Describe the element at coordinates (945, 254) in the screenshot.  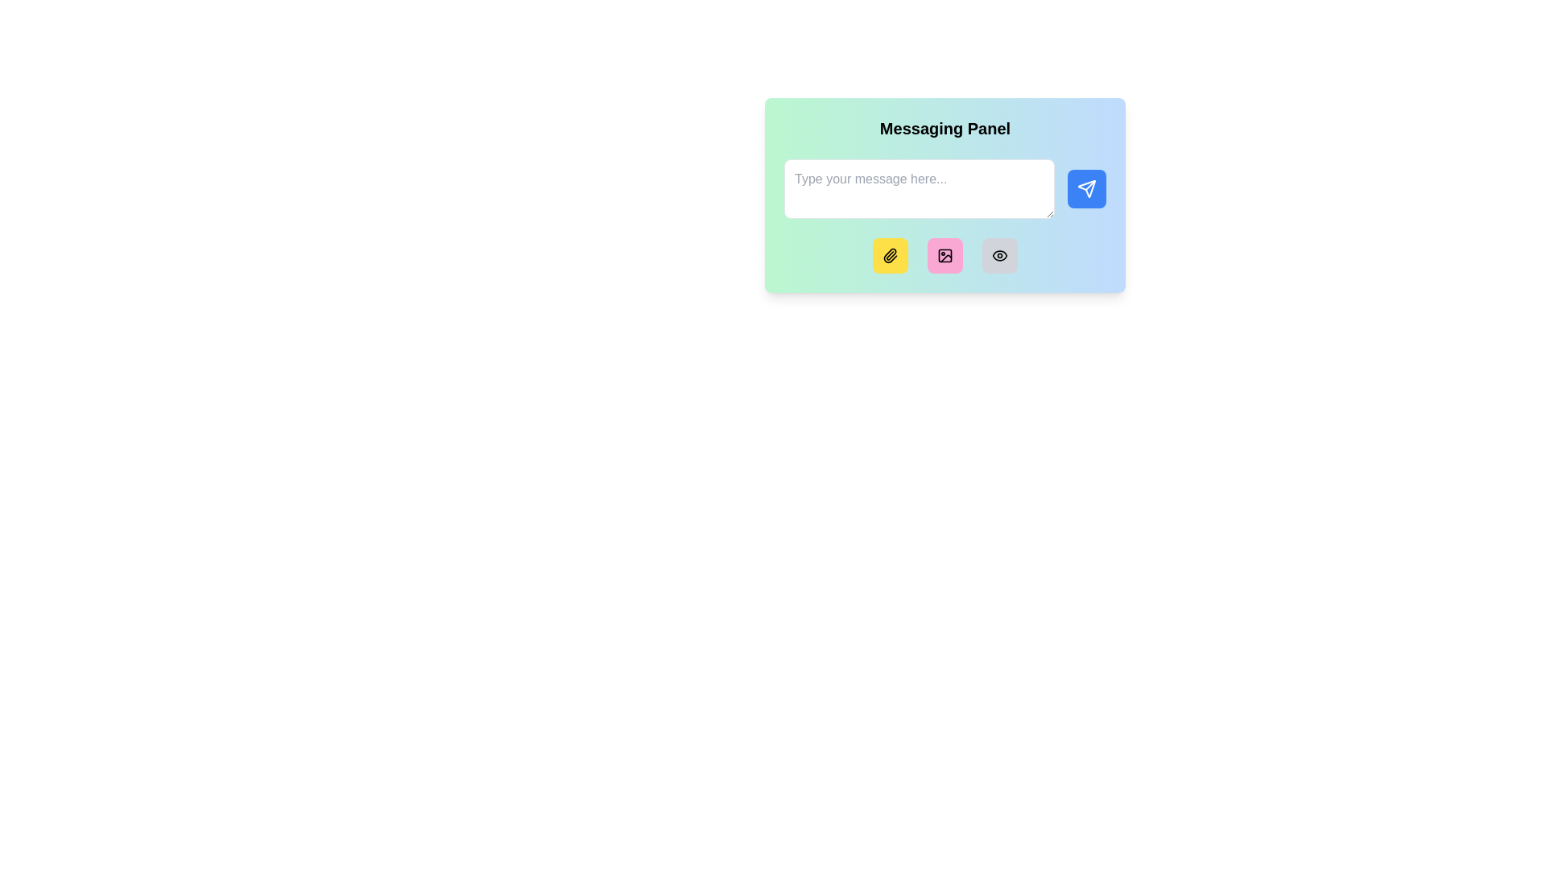
I see `the pink square button with a stylized picture icon` at that location.